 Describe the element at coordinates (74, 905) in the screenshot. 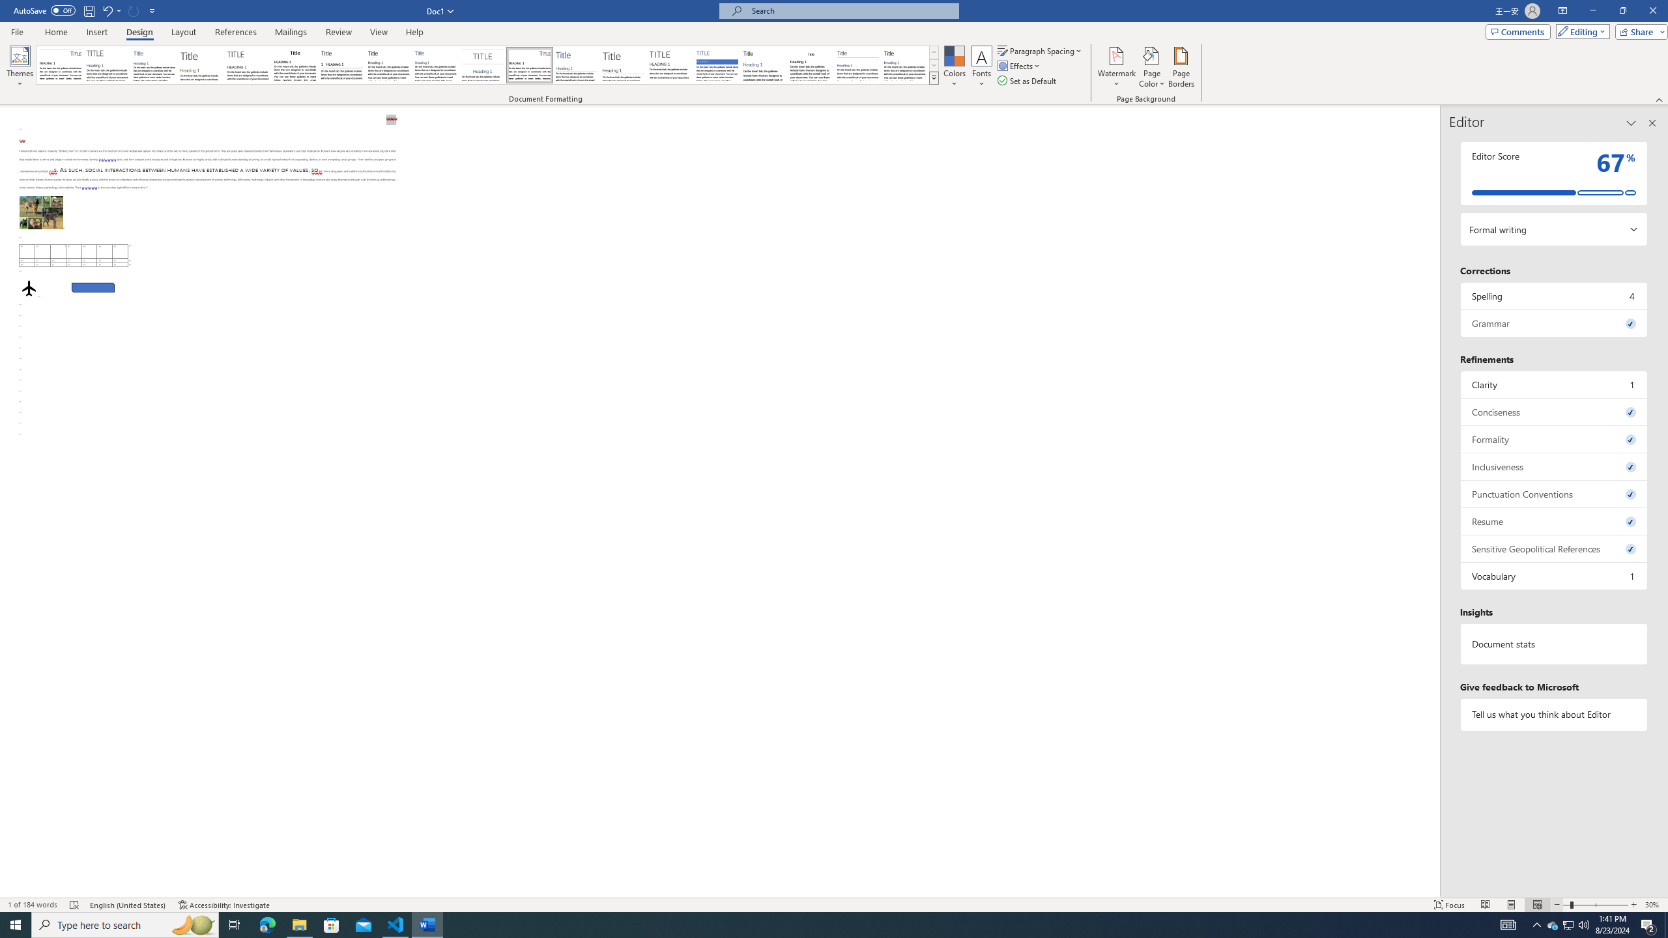

I see `'Spelling and Grammar Check Errors'` at that location.